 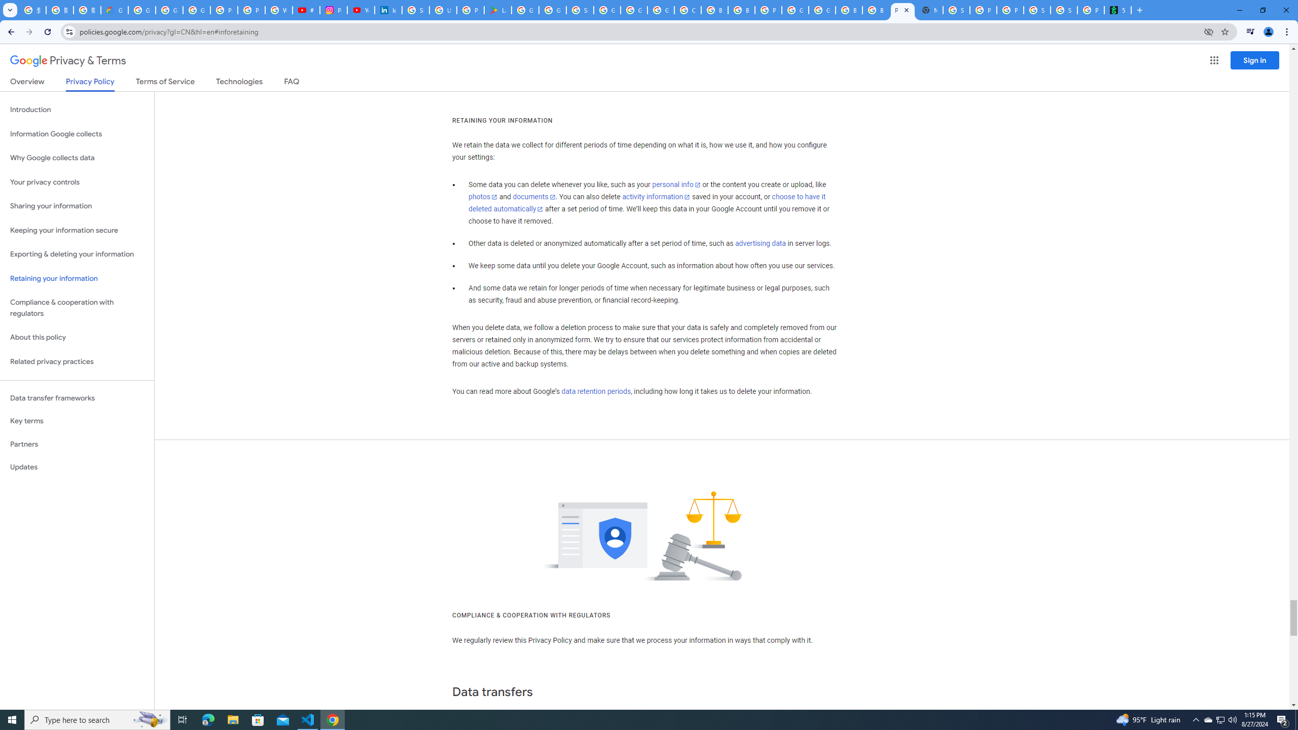 I want to click on 'Google Workspace - Specific Terms', so click(x=552, y=10).